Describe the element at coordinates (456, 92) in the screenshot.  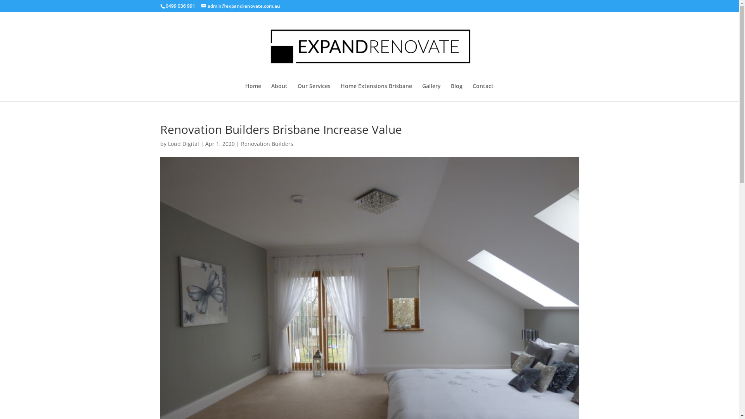
I see `'Blog'` at that location.